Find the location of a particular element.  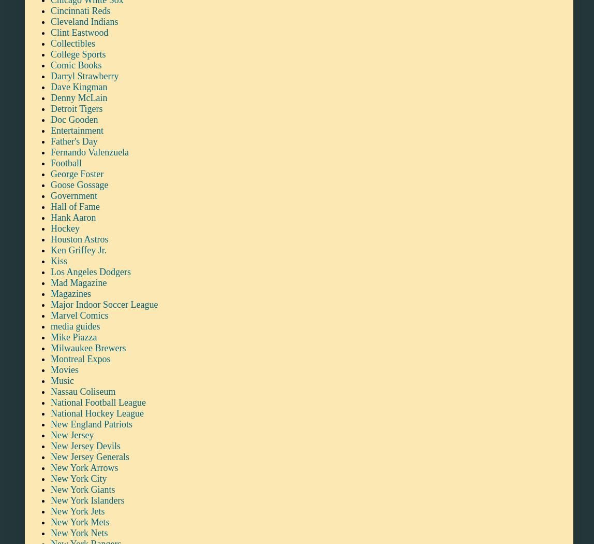

'Dave Kingman' is located at coordinates (79, 86).